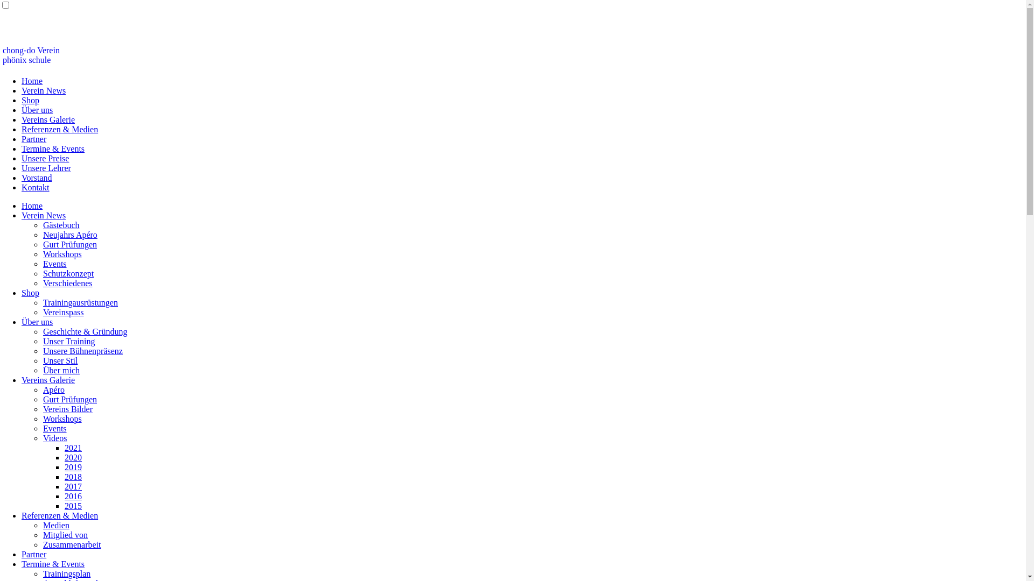  Describe the element at coordinates (63, 312) in the screenshot. I see `'Vereinspass'` at that location.